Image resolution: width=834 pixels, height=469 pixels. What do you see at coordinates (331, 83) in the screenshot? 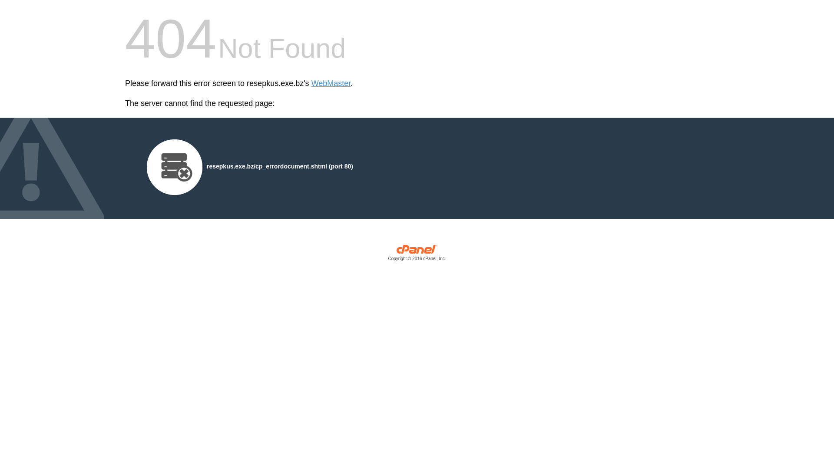
I see `'WebMaster'` at bounding box center [331, 83].